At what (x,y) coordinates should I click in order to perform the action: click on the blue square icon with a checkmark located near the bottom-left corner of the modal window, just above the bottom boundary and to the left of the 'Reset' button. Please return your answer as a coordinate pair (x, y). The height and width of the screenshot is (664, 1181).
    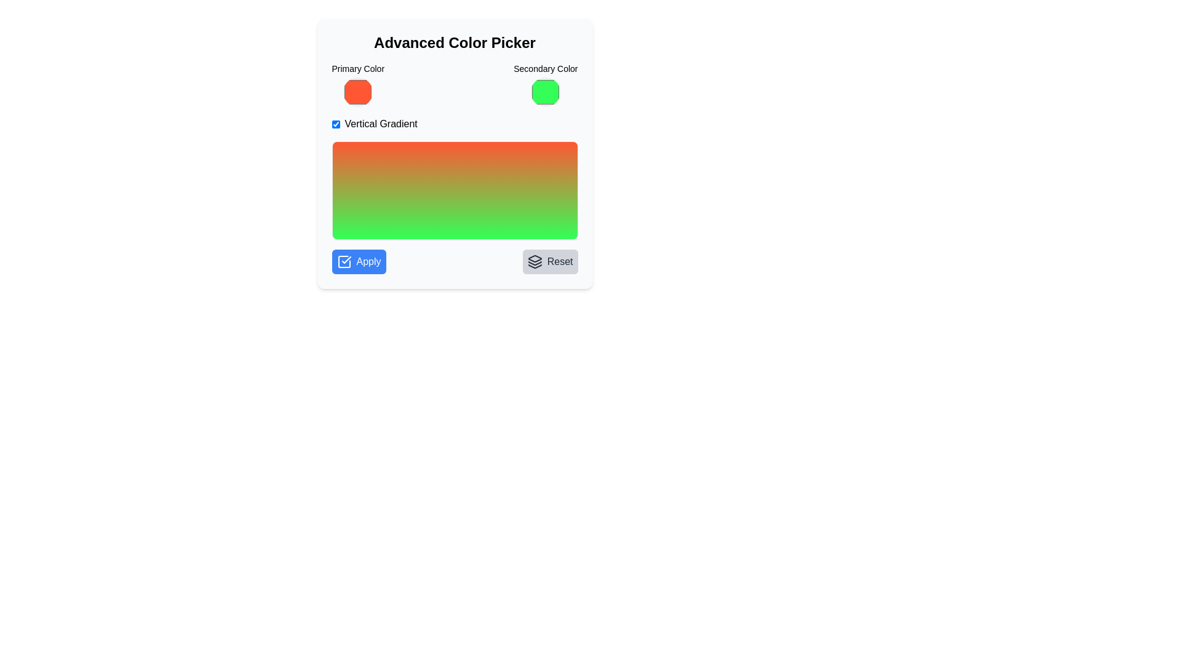
    Looking at the image, I should click on (344, 261).